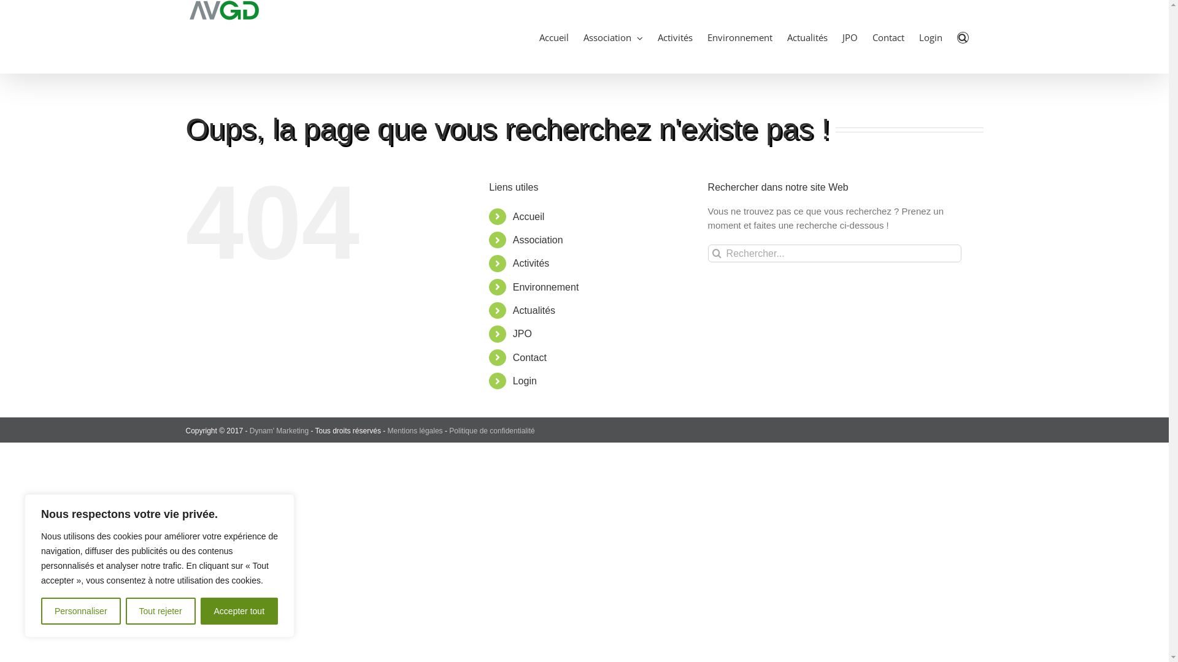  I want to click on 'Accueil', so click(539, 36).